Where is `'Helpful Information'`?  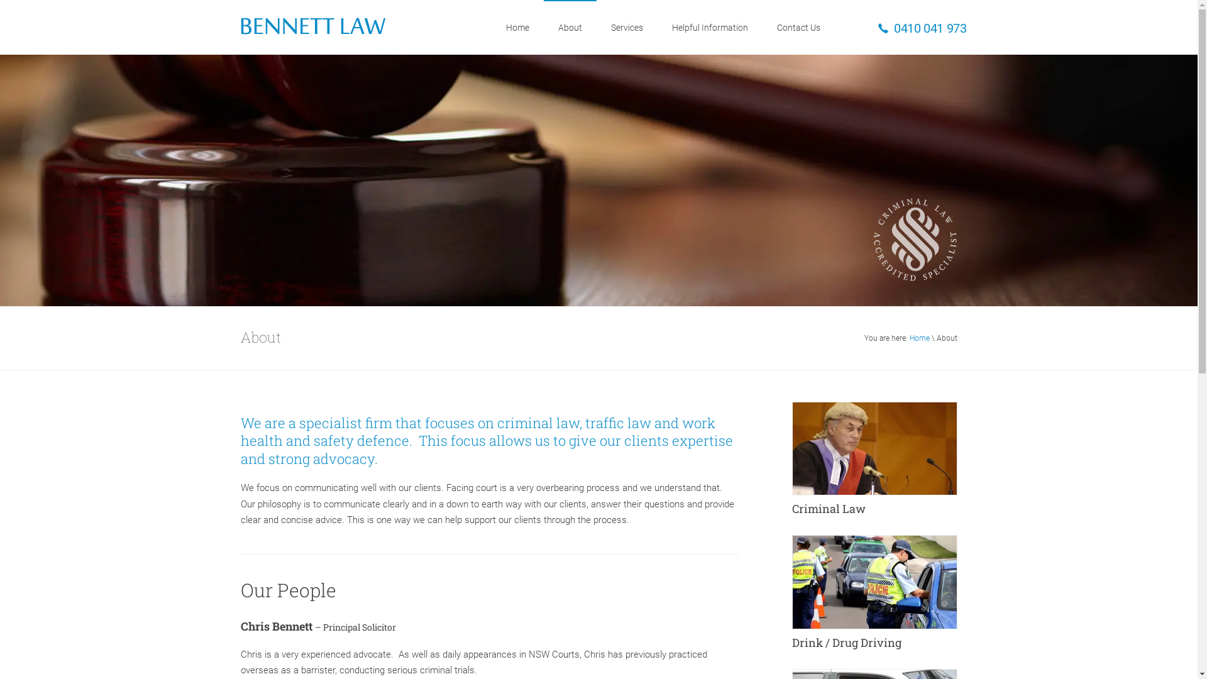
'Helpful Information' is located at coordinates (657, 27).